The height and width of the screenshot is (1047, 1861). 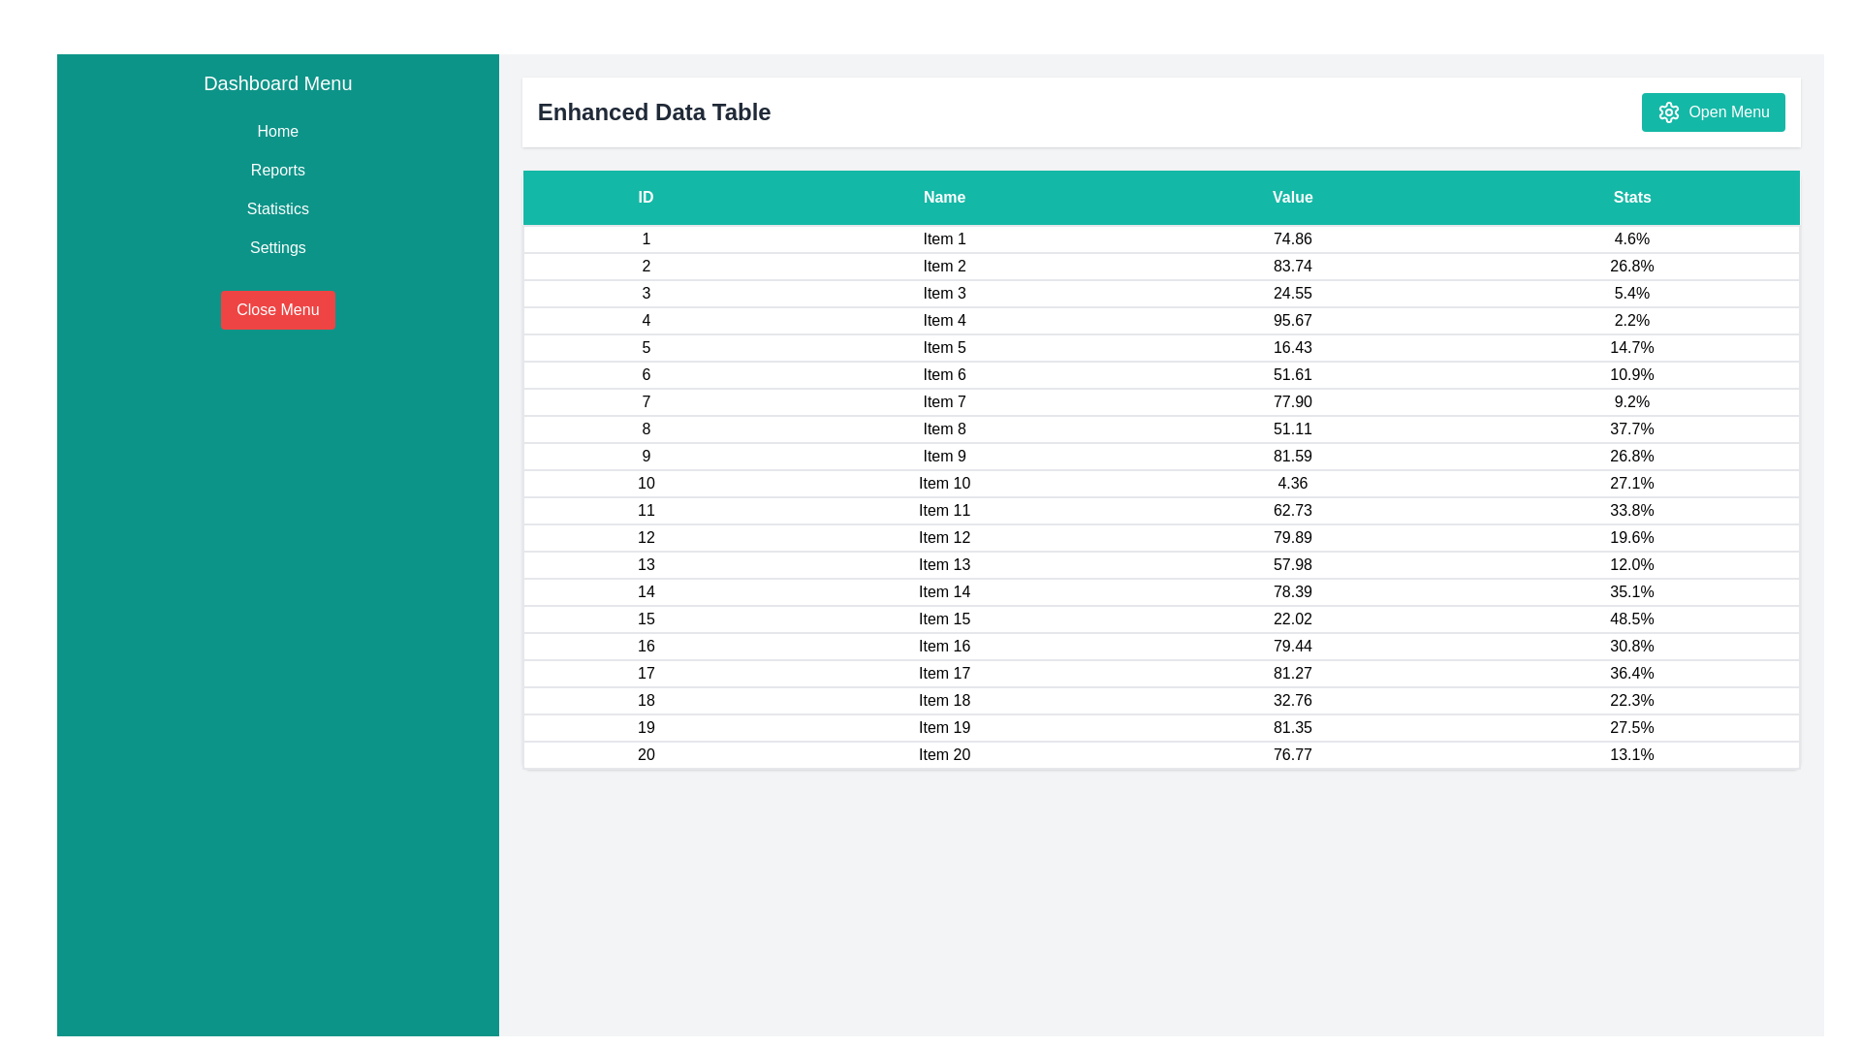 What do you see at coordinates (1713, 111) in the screenshot?
I see `the 'Open Menu' button to open the menu` at bounding box center [1713, 111].